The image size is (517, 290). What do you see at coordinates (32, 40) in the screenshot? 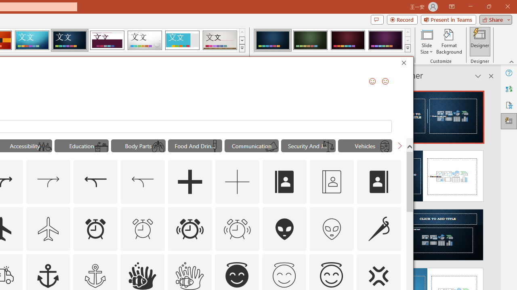
I see `'Circuit'` at bounding box center [32, 40].